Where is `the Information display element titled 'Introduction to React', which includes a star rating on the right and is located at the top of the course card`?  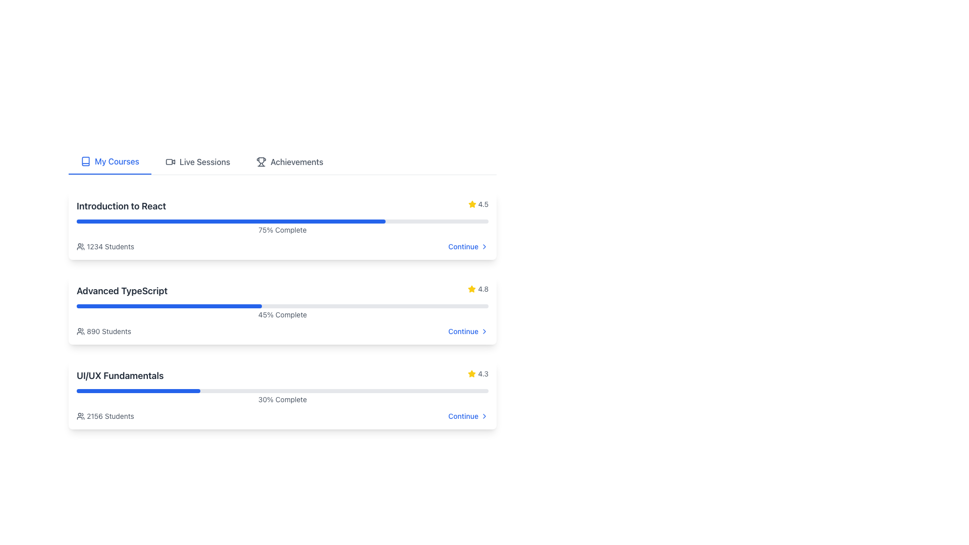 the Information display element titled 'Introduction to React', which includes a star rating on the right and is located at the top of the course card is located at coordinates (283, 205).